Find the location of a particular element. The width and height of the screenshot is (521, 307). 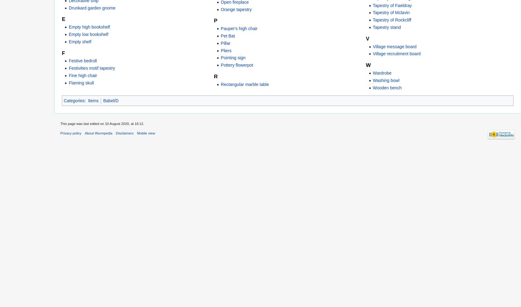

'Tapestry of Rockcliff' is located at coordinates (391, 20).